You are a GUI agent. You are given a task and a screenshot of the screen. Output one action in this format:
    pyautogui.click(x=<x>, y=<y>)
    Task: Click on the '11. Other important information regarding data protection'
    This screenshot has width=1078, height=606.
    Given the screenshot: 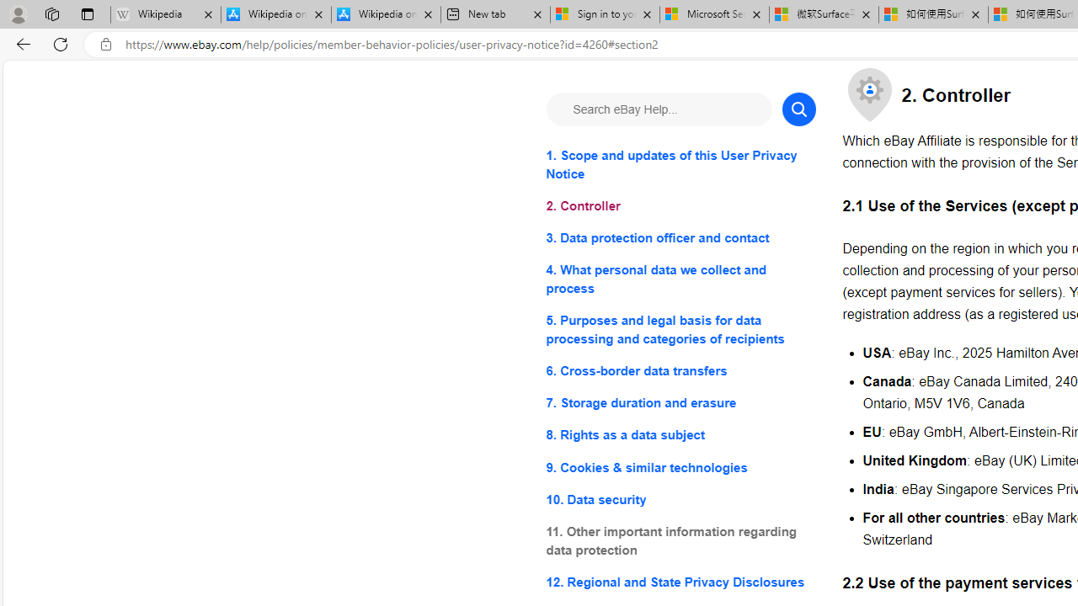 What is the action you would take?
    pyautogui.click(x=680, y=540)
    